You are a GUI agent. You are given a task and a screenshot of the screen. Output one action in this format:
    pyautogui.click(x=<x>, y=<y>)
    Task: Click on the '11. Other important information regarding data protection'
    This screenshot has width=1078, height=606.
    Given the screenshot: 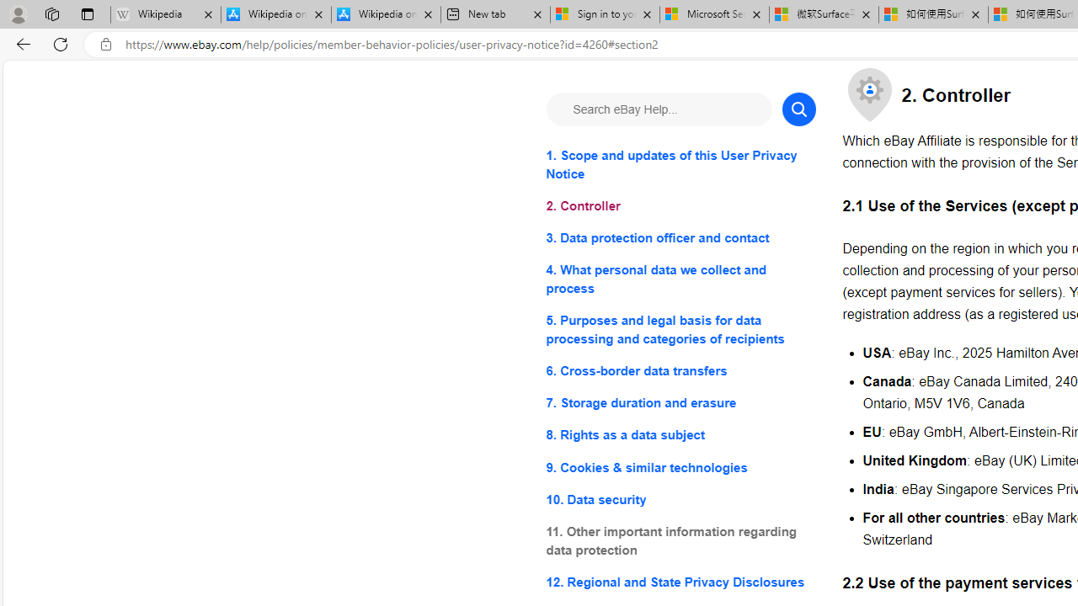 What is the action you would take?
    pyautogui.click(x=680, y=540)
    